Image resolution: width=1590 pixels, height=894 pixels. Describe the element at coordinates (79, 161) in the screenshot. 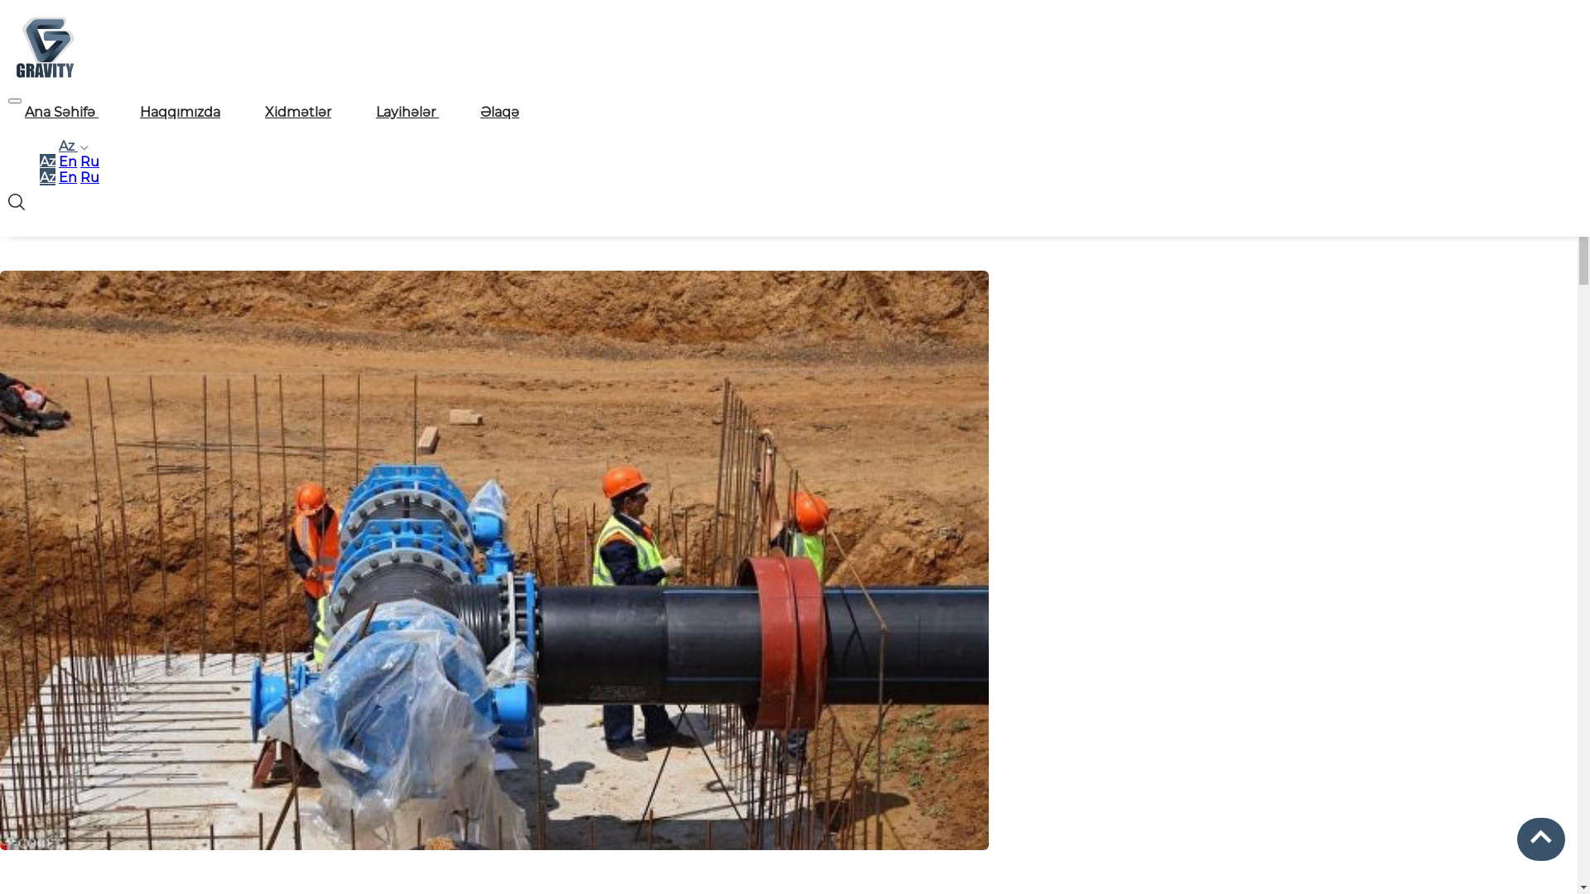

I see `'Ru'` at that location.